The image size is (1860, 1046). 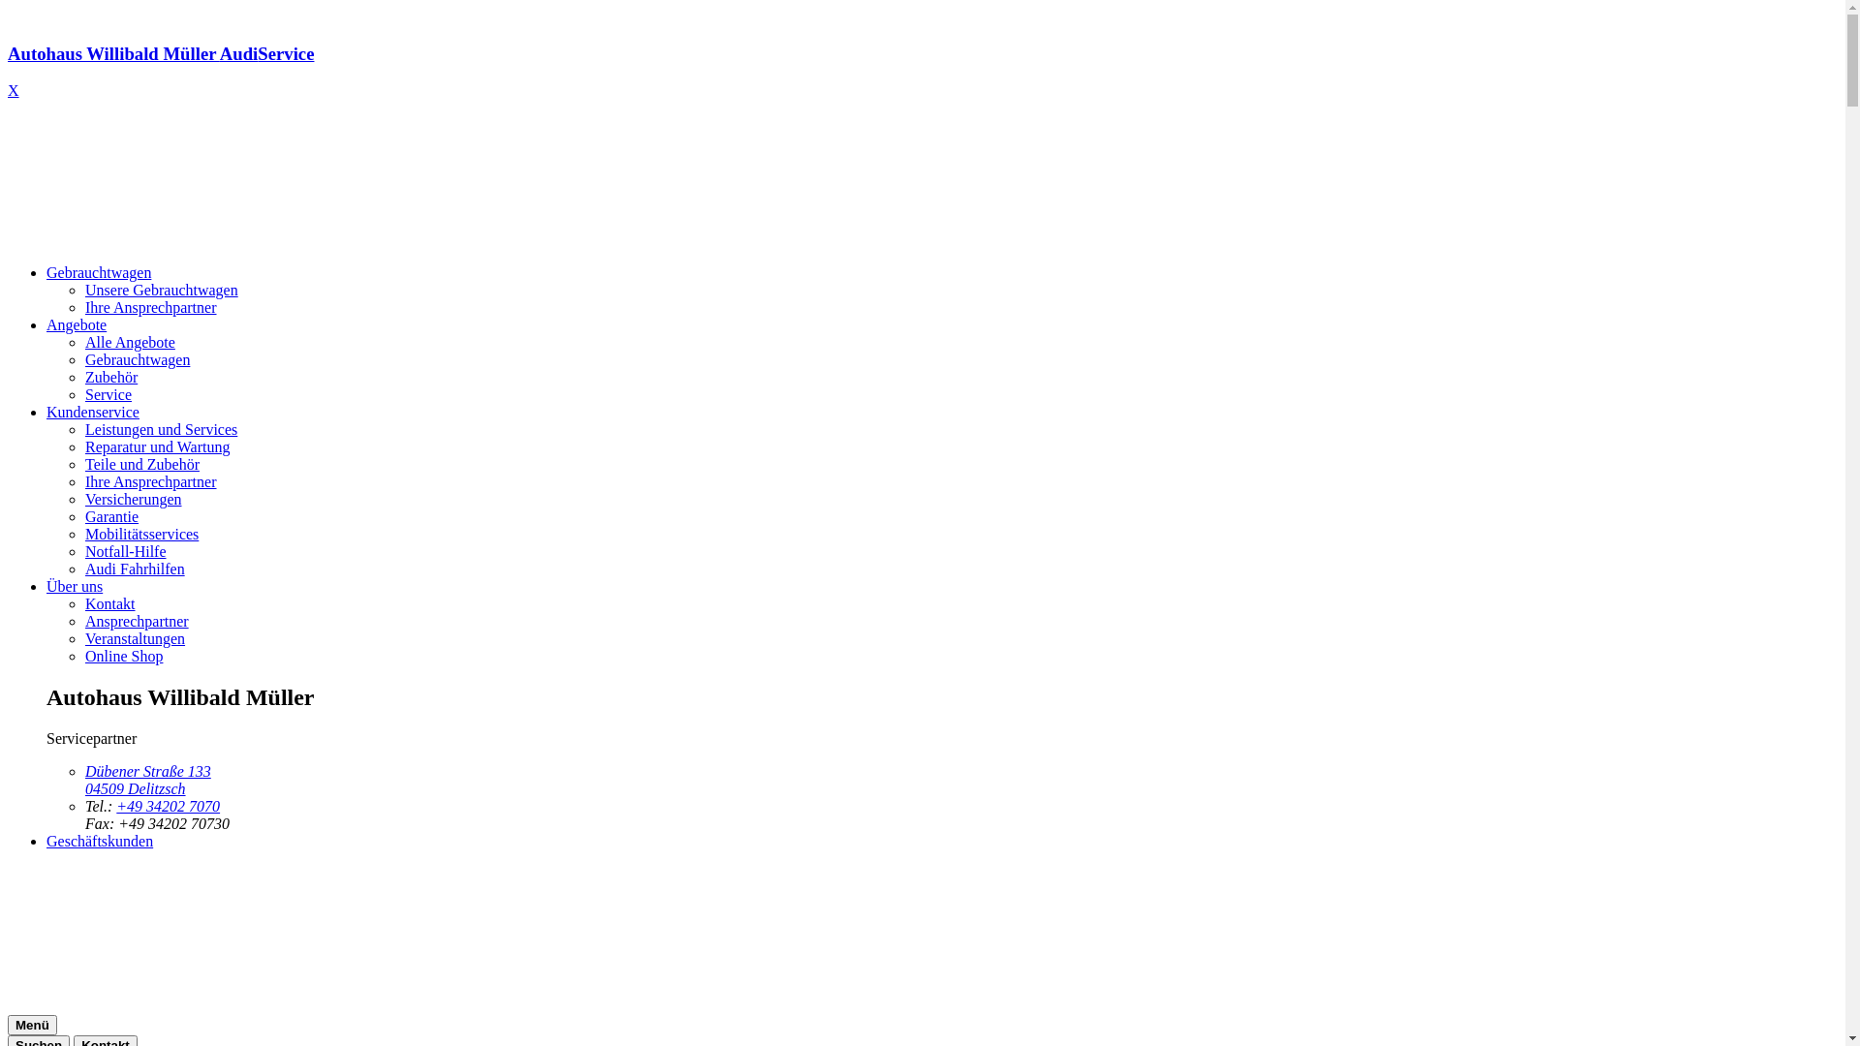 I want to click on 'Unsere Gebrauchtwagen', so click(x=162, y=290).